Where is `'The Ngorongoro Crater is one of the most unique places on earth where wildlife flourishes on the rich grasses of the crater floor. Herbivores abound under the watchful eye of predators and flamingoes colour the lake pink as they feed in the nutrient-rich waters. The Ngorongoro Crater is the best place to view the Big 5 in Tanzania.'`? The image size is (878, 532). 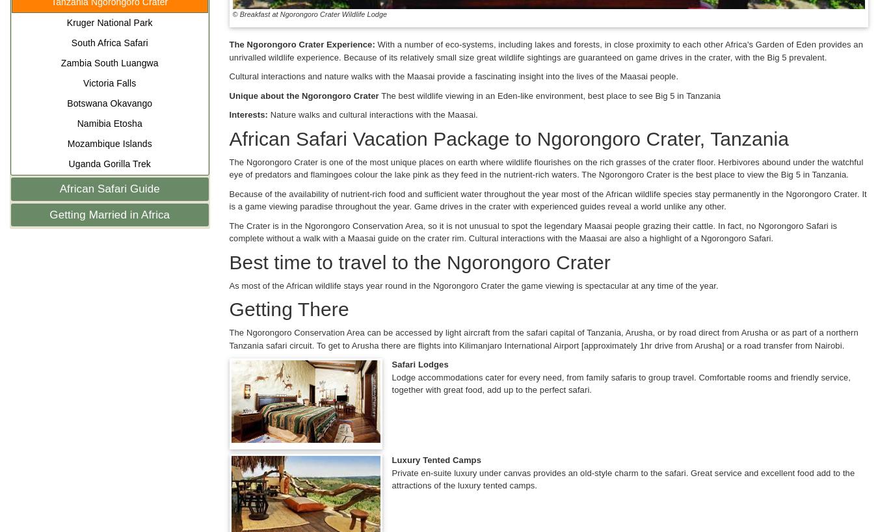
'The Ngorongoro Crater is one of the most unique places on earth where wildlife flourishes on the rich grasses of the crater floor. Herbivores abound under the watchful eye of predators and flamingoes colour the lake pink as they feed in the nutrient-rich waters. The Ngorongoro Crater is the best place to view the Big 5 in Tanzania.' is located at coordinates (546, 168).